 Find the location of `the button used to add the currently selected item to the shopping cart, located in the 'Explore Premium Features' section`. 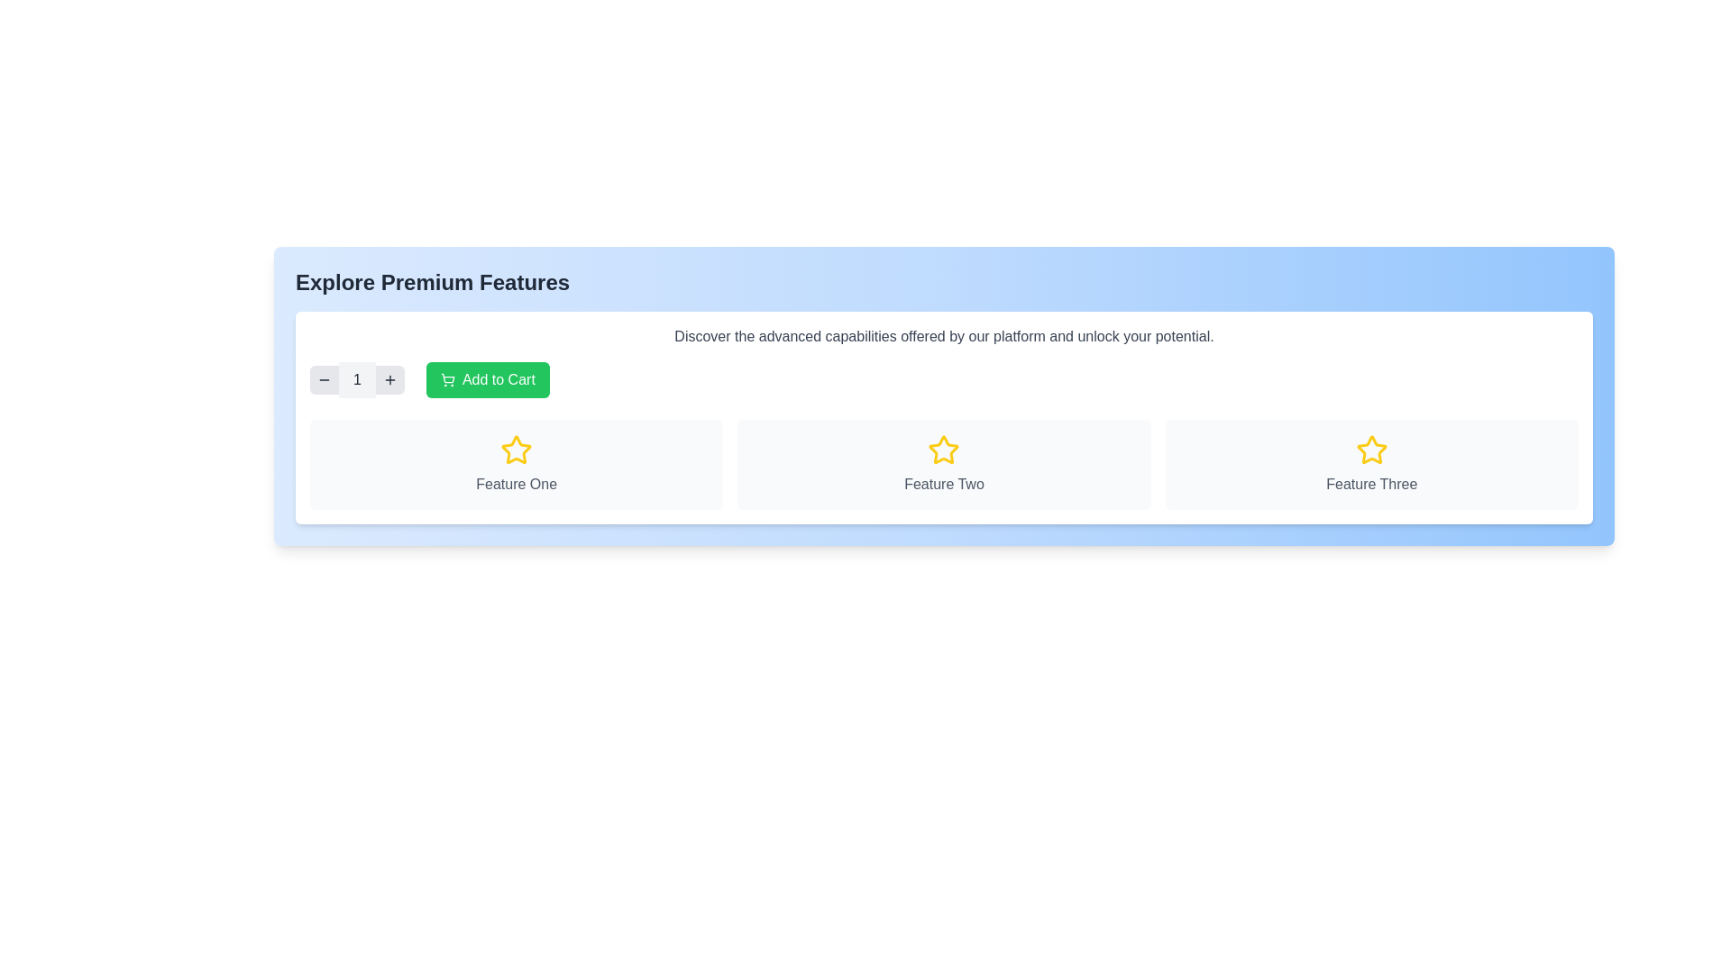

the button used to add the currently selected item to the shopping cart, located in the 'Explore Premium Features' section is located at coordinates (488, 378).